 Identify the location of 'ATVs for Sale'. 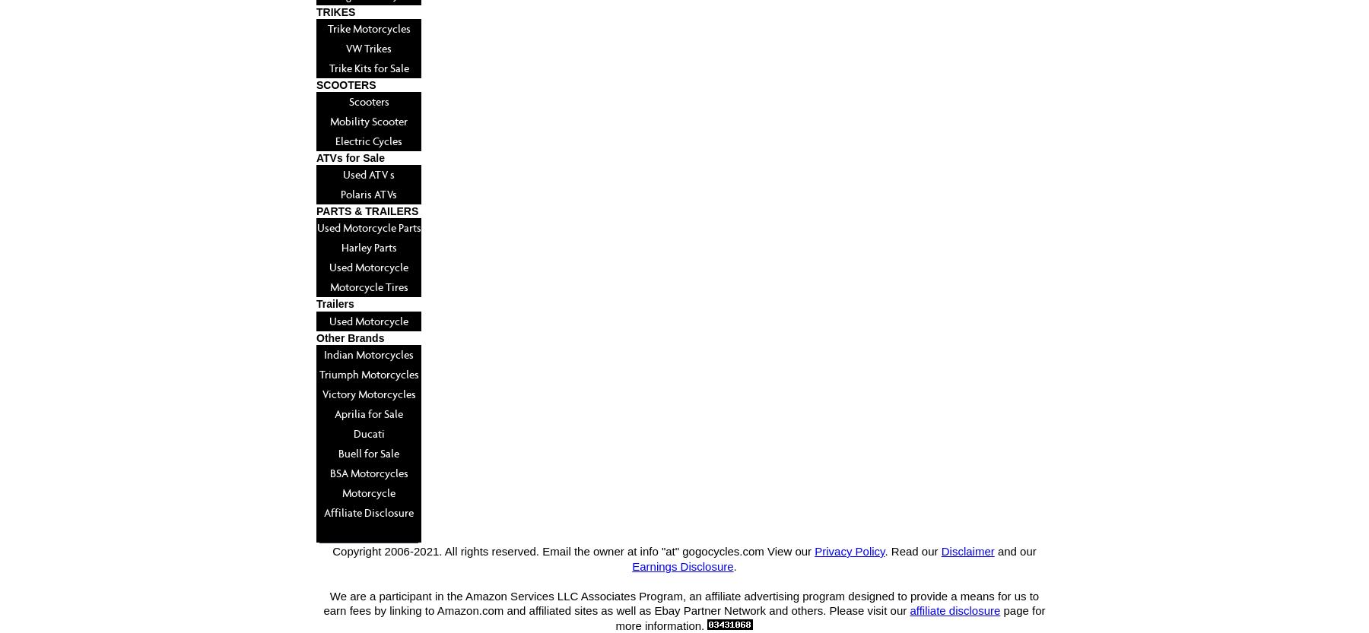
(349, 157).